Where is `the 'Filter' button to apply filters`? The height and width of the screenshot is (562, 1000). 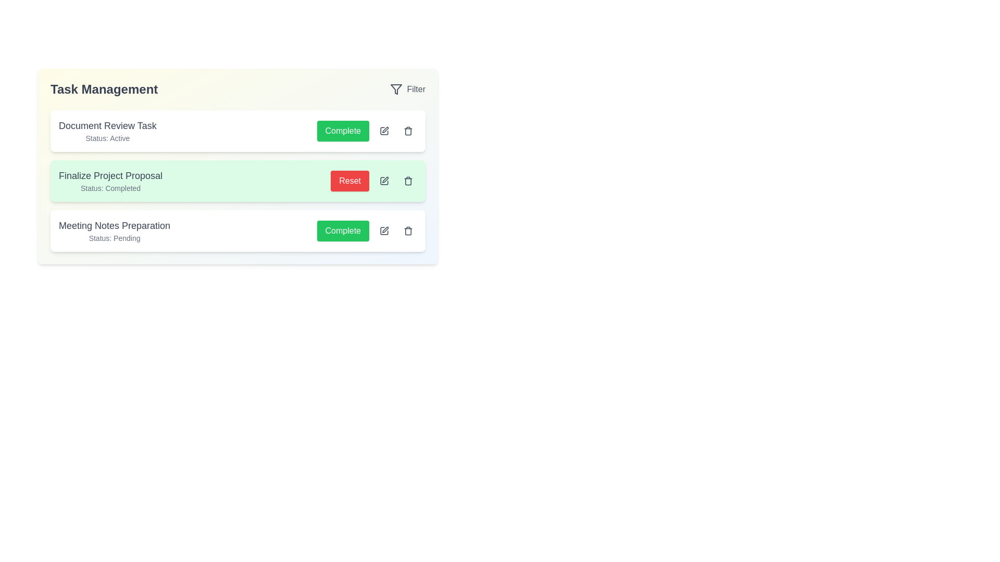
the 'Filter' button to apply filters is located at coordinates (407, 89).